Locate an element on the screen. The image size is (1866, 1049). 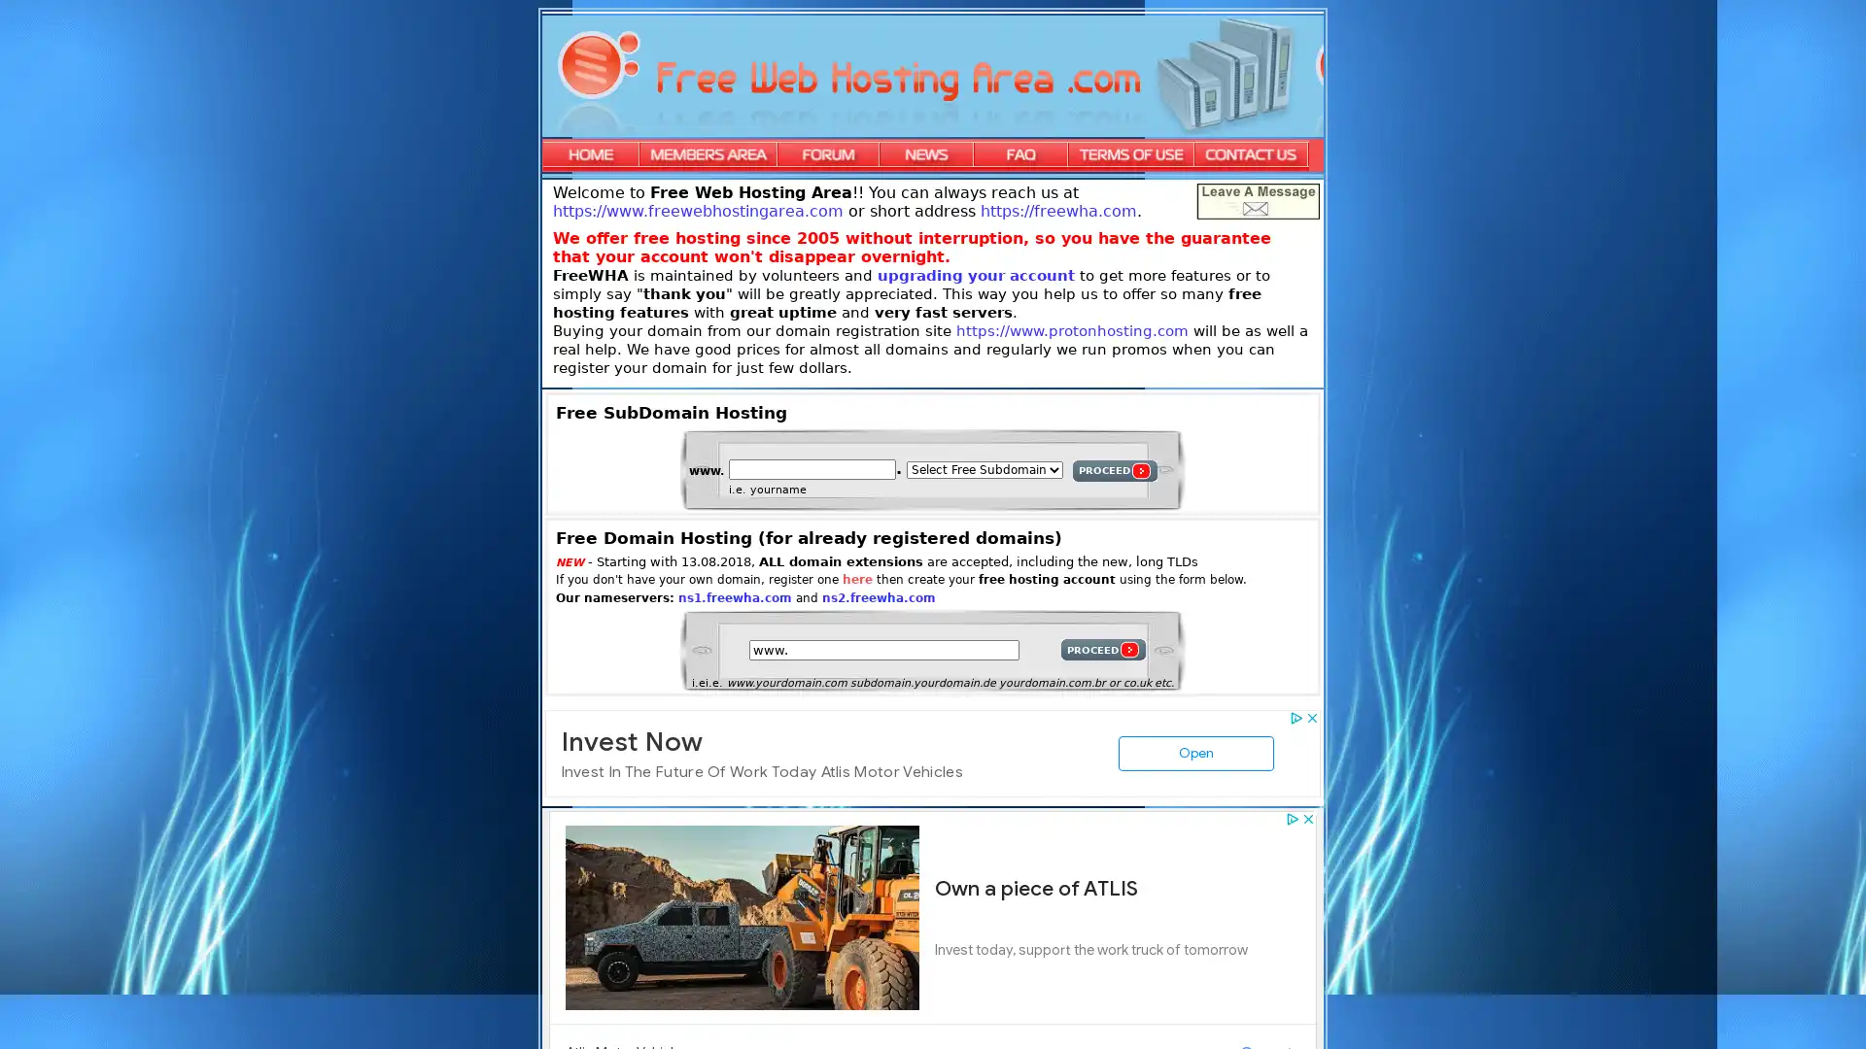
PROCEED is located at coordinates (1115, 469).